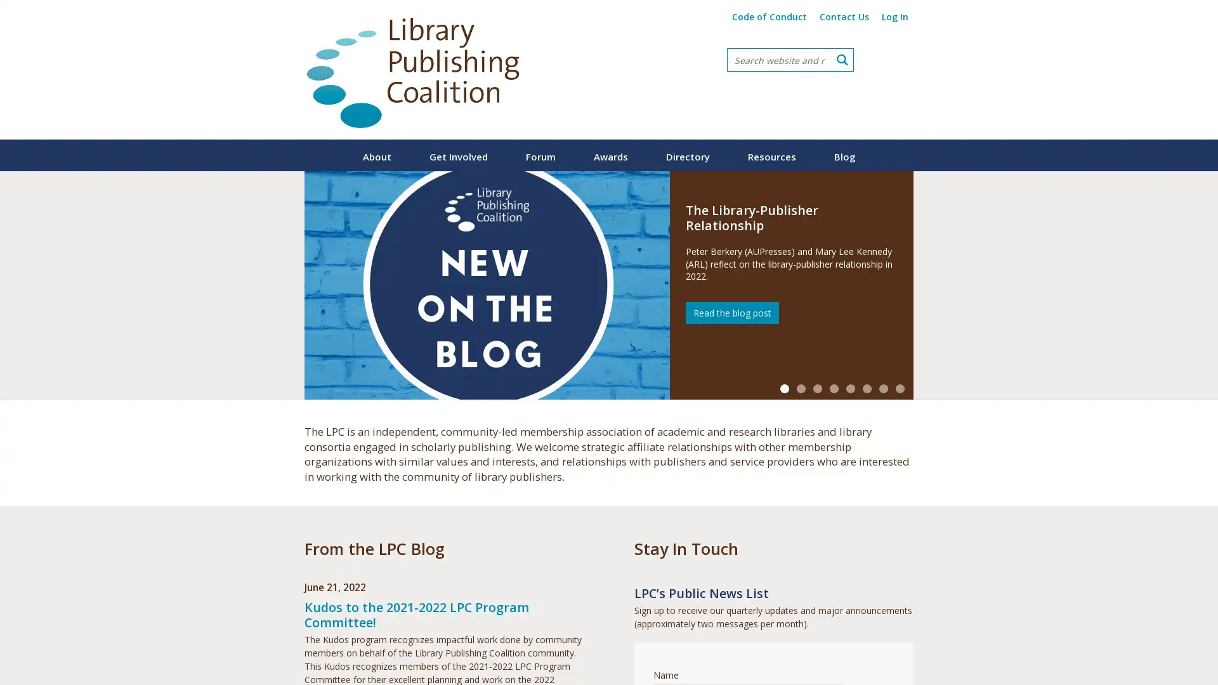  Describe the element at coordinates (900, 388) in the screenshot. I see `Go to slide 8` at that location.